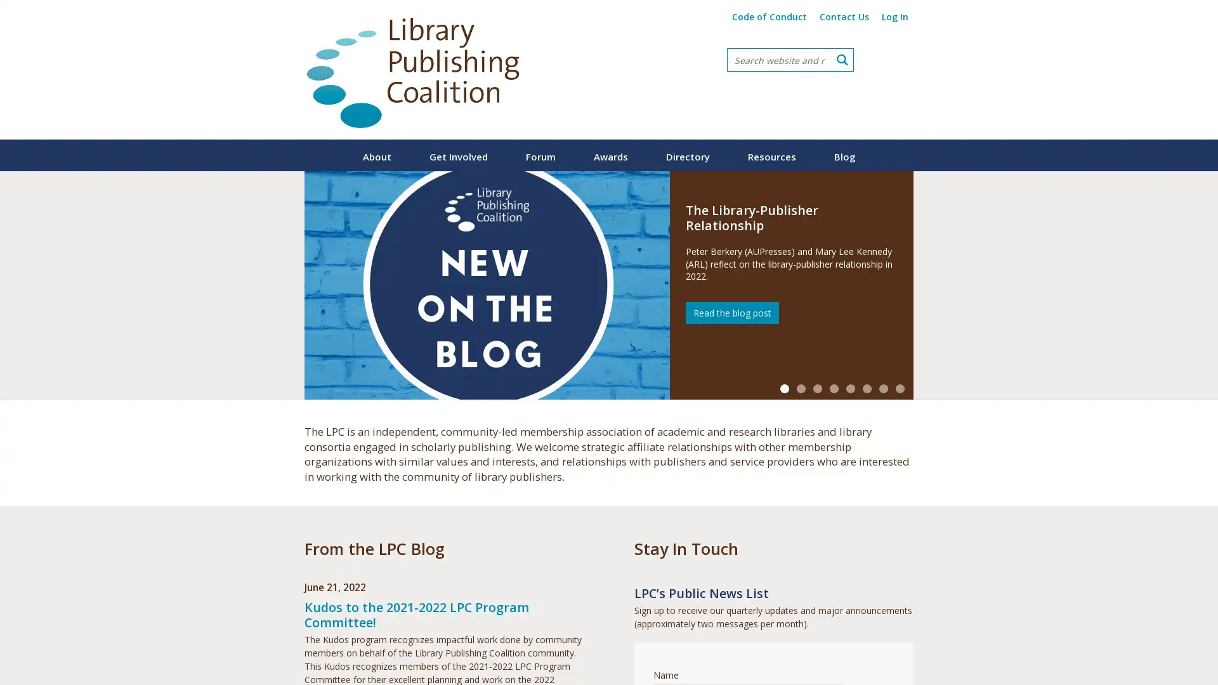  Describe the element at coordinates (900, 388) in the screenshot. I see `Go to slide 8` at that location.